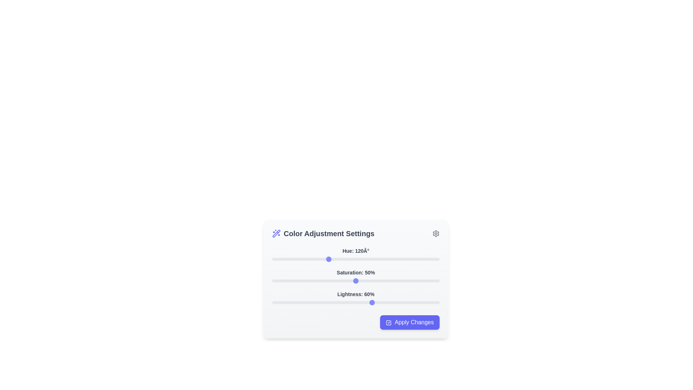 This screenshot has height=390, width=693. I want to click on the thumb of the first slider labeled 'Hue: 120°' under the 'Color Adjustment Settings' section, so click(356, 255).